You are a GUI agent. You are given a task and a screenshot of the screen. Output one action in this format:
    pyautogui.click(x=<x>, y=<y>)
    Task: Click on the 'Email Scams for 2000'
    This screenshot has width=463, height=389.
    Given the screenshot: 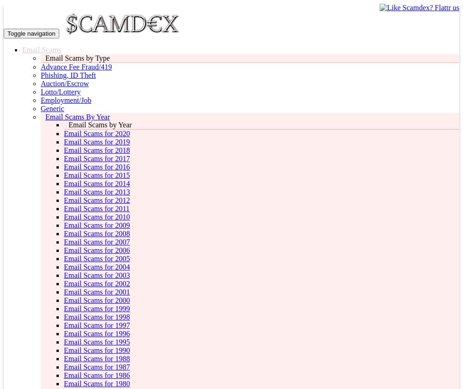 What is the action you would take?
    pyautogui.click(x=96, y=300)
    